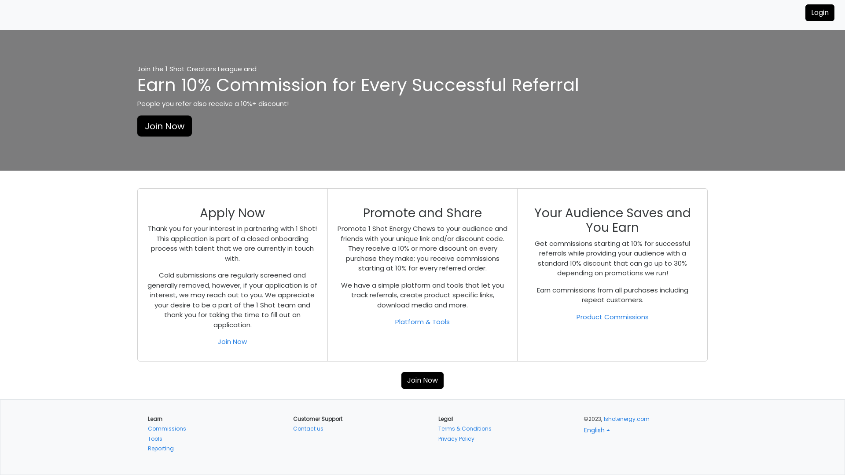 This screenshot has width=845, height=475. I want to click on 'Join Now', so click(137, 125).